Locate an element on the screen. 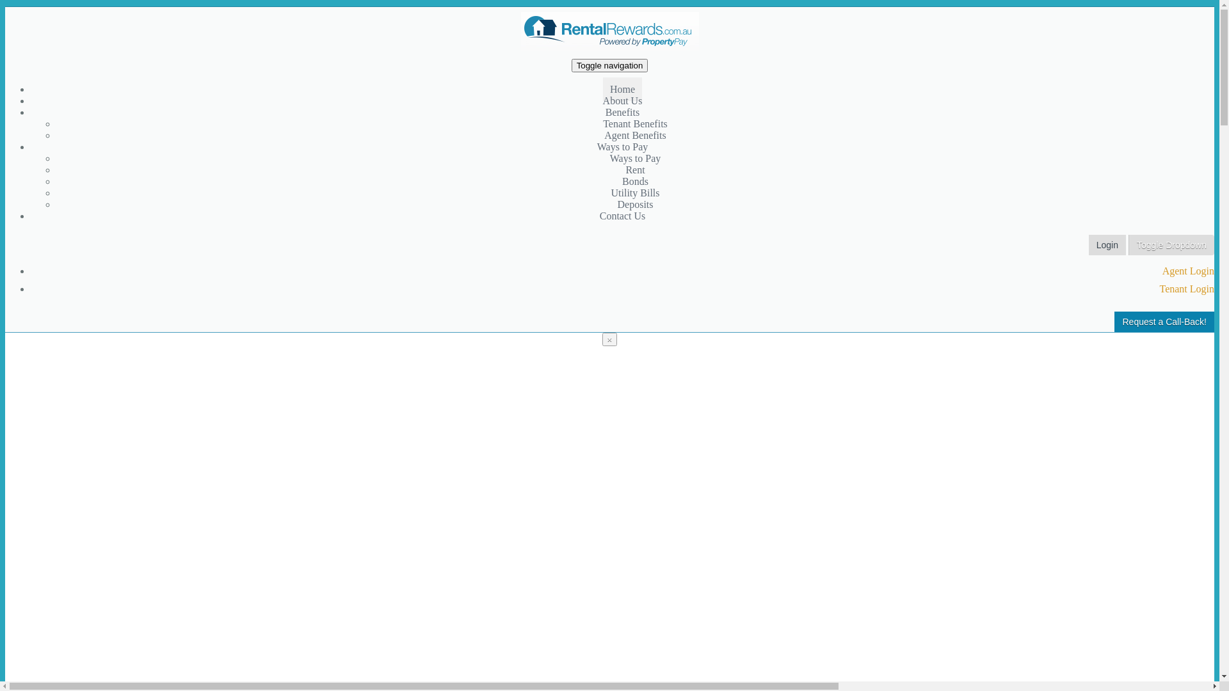 This screenshot has height=691, width=1229. 'Utility Bills' is located at coordinates (610, 193).